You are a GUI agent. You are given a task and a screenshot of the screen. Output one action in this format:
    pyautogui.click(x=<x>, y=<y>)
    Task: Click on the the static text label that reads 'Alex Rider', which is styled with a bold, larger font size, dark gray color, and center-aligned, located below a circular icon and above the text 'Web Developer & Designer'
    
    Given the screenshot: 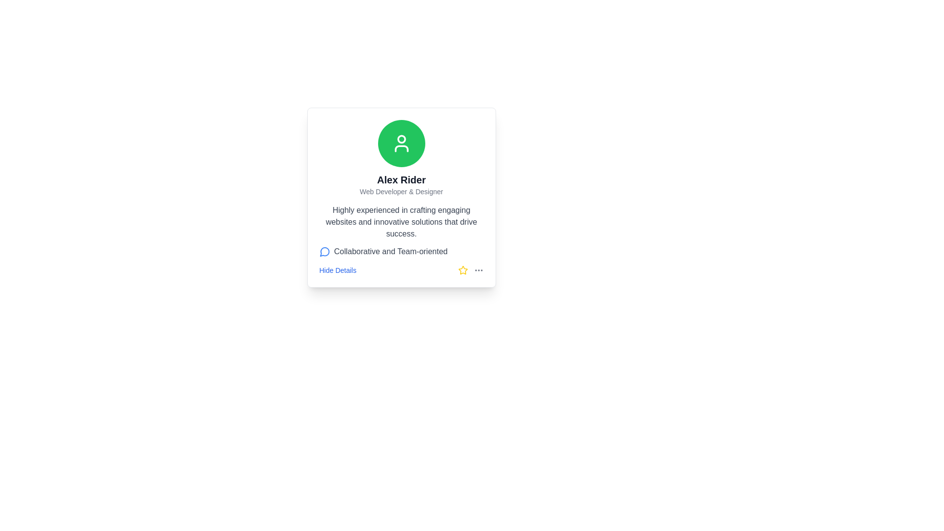 What is the action you would take?
    pyautogui.click(x=401, y=180)
    